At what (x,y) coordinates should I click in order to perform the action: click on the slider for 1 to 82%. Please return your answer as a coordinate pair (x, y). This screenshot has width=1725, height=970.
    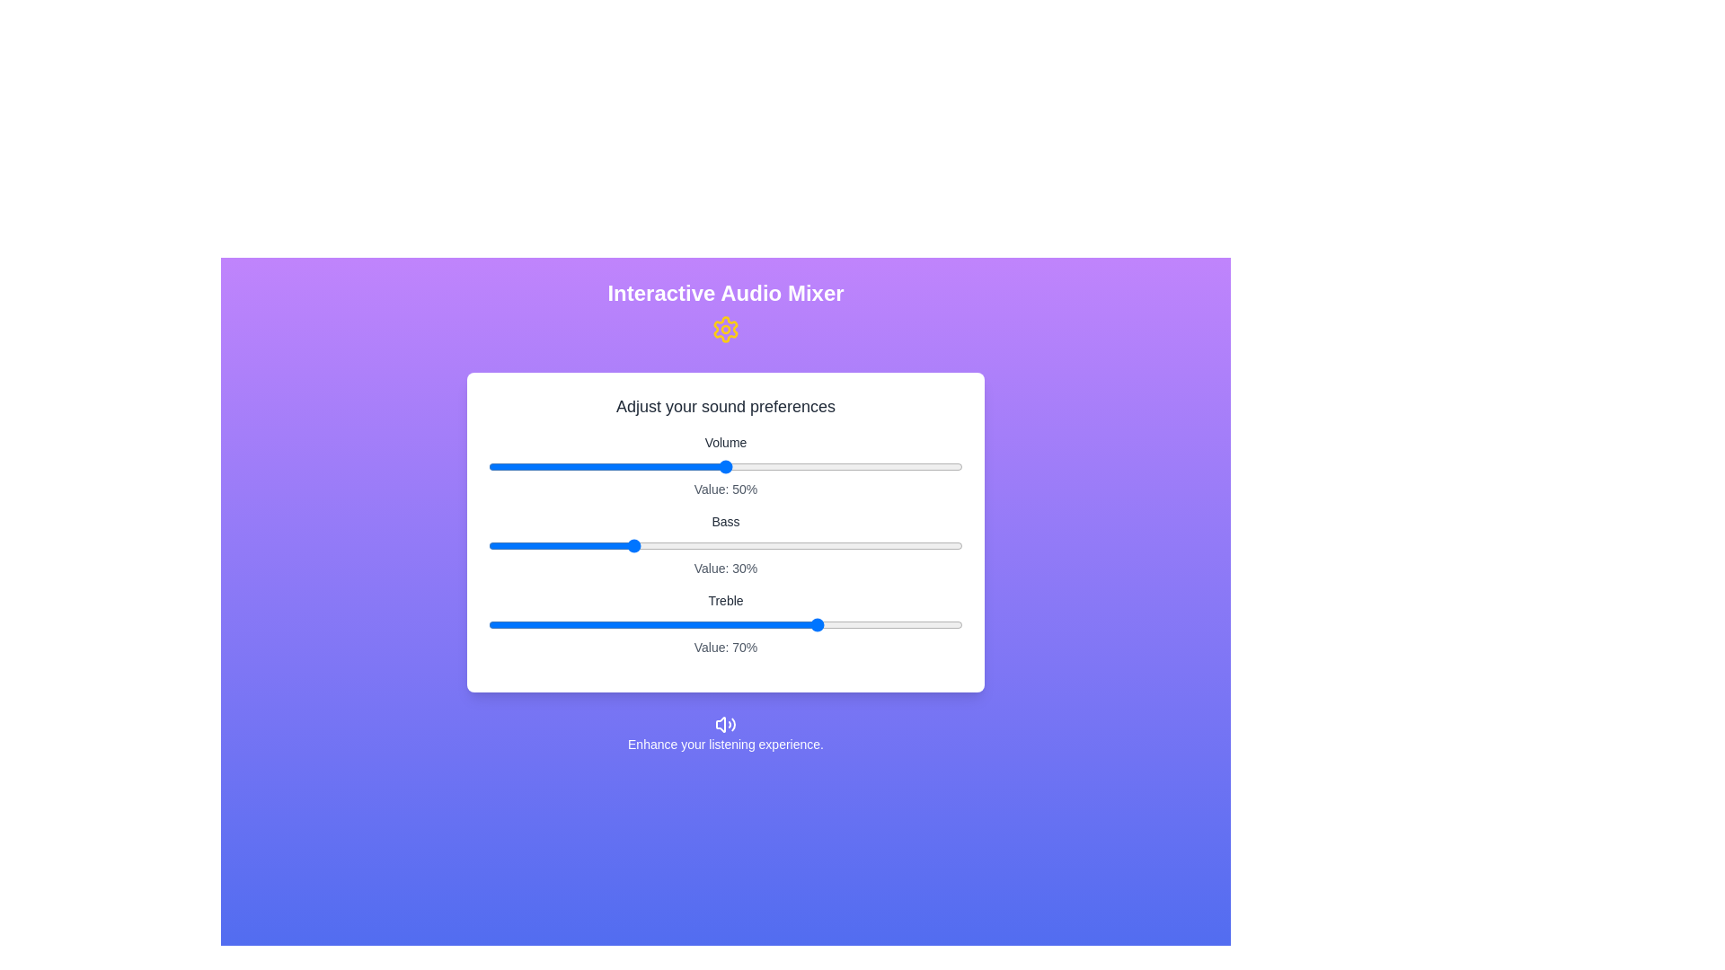
    Looking at the image, I should click on (877, 545).